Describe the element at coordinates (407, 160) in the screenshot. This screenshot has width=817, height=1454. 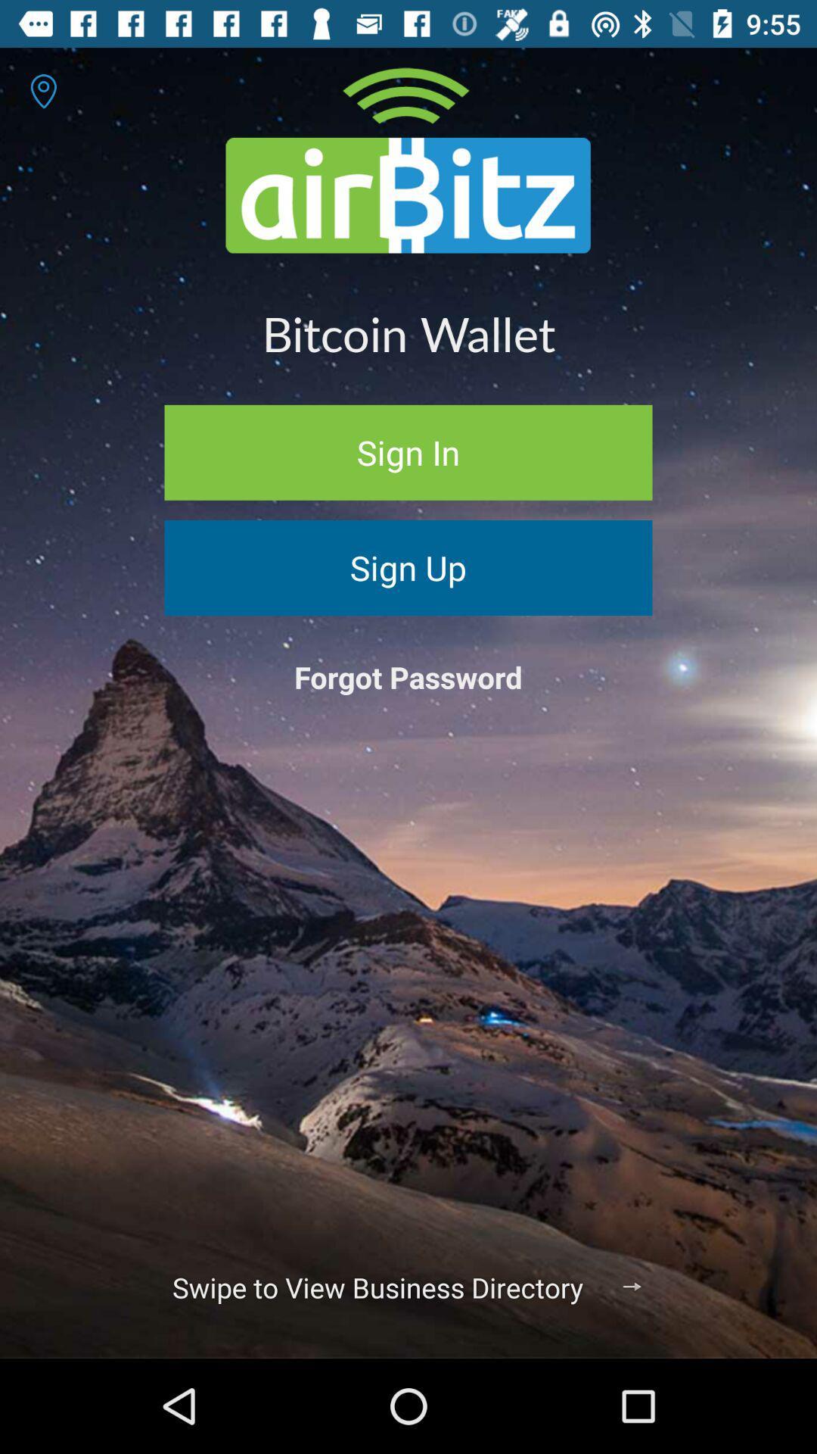
I see `icon above the bitcoin wallet` at that location.